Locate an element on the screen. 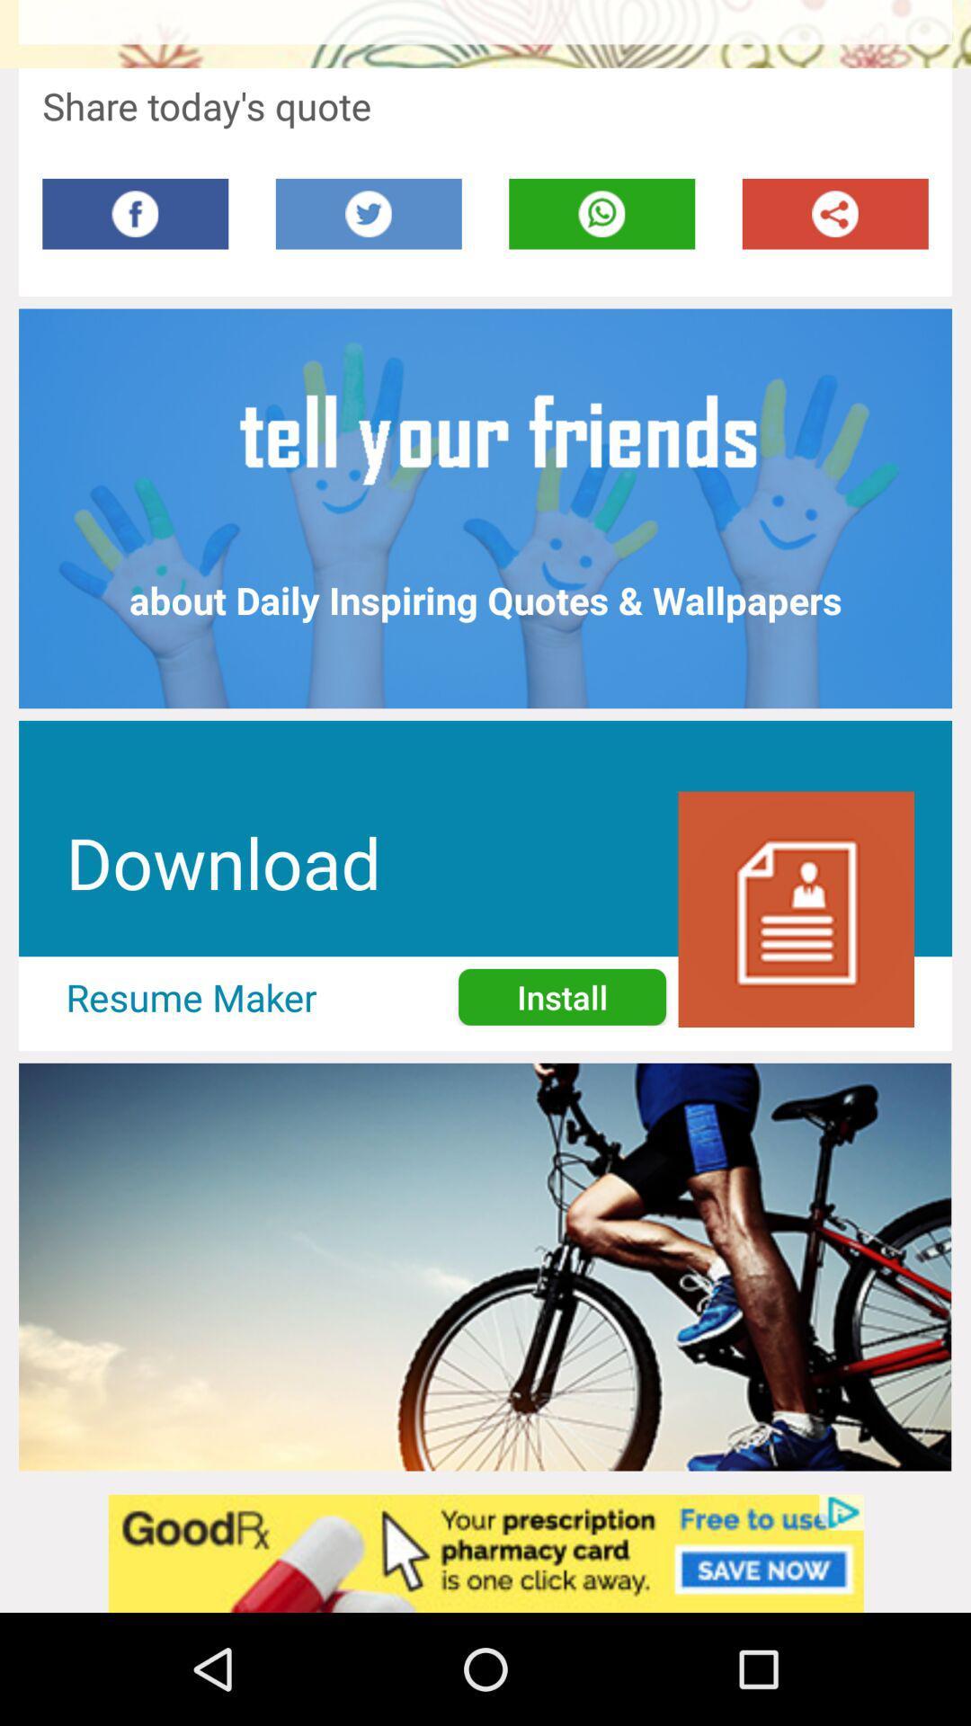  this button shares page on whatsapp is located at coordinates (601, 214).